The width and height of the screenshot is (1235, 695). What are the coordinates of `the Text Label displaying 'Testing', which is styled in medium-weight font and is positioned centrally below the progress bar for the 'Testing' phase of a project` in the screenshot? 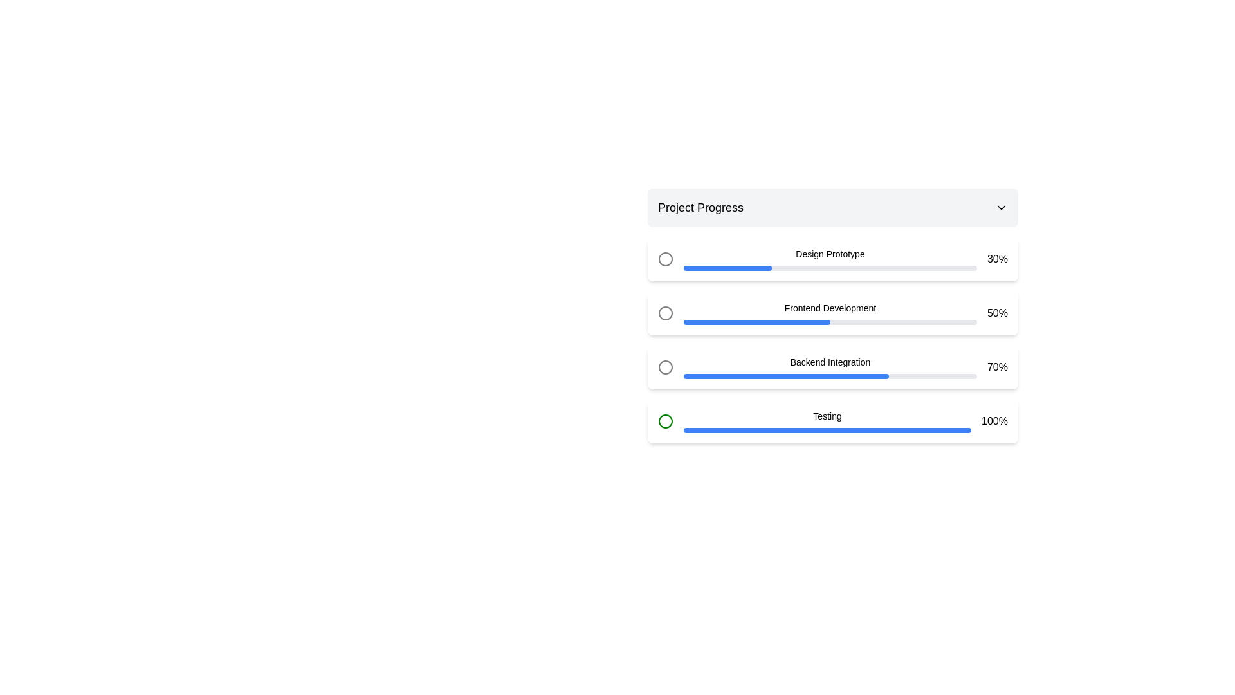 It's located at (827, 416).